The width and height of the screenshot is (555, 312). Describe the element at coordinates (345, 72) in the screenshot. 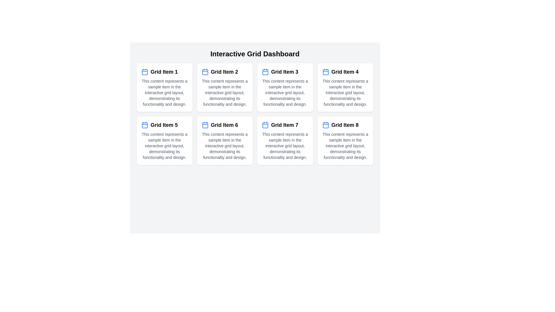

I see `the Text with icon labeled 'Grid Item 4' located in the top-right group of items in the grid layout` at that location.